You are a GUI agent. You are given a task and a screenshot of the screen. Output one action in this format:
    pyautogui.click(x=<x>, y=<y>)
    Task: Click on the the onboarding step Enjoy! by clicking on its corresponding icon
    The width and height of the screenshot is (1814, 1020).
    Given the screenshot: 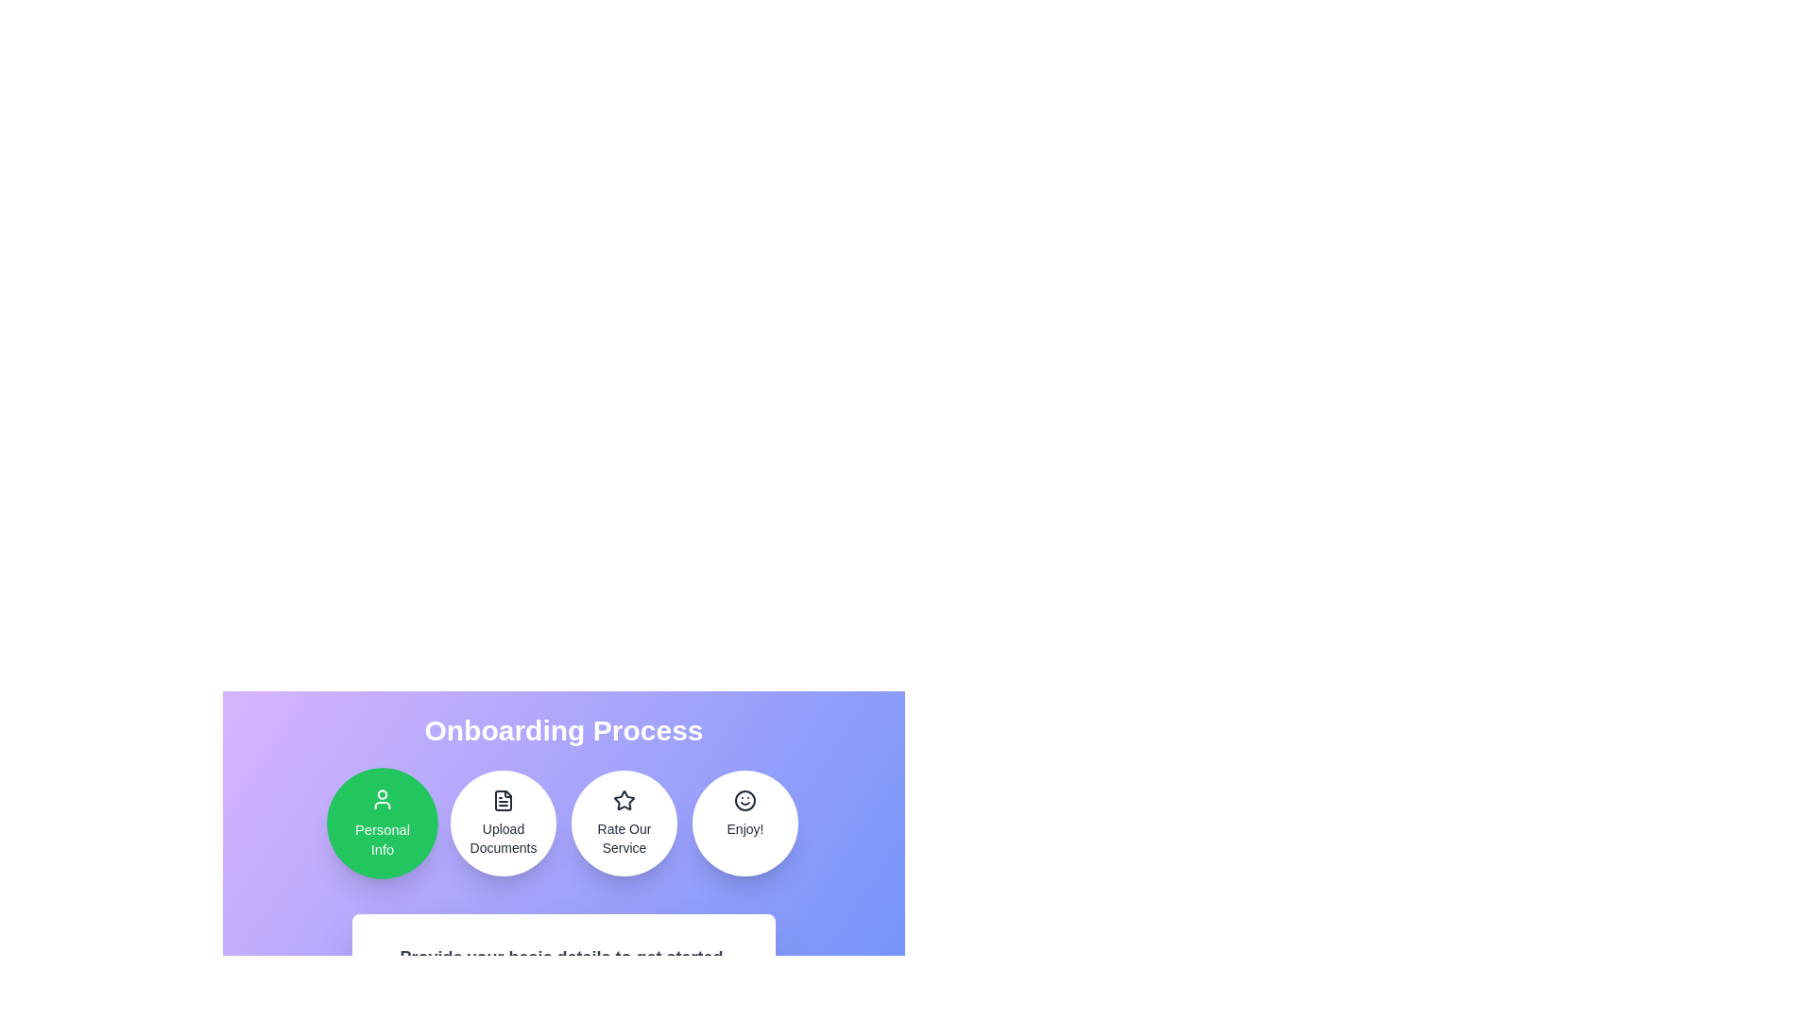 What is the action you would take?
    pyautogui.click(x=744, y=822)
    